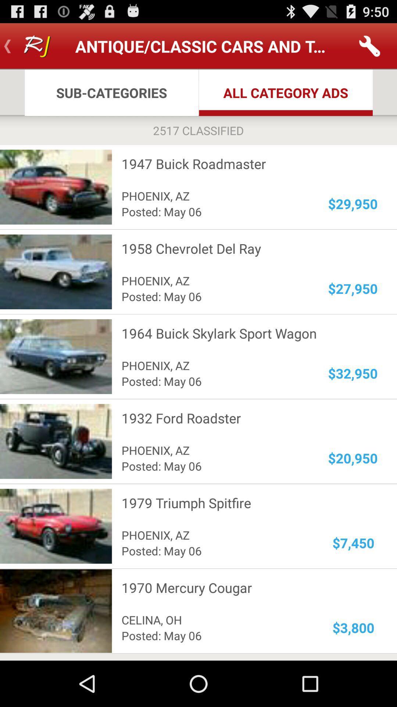 The width and height of the screenshot is (397, 707). What do you see at coordinates (353, 543) in the screenshot?
I see `the icon above 1970 mercury cougar item` at bounding box center [353, 543].